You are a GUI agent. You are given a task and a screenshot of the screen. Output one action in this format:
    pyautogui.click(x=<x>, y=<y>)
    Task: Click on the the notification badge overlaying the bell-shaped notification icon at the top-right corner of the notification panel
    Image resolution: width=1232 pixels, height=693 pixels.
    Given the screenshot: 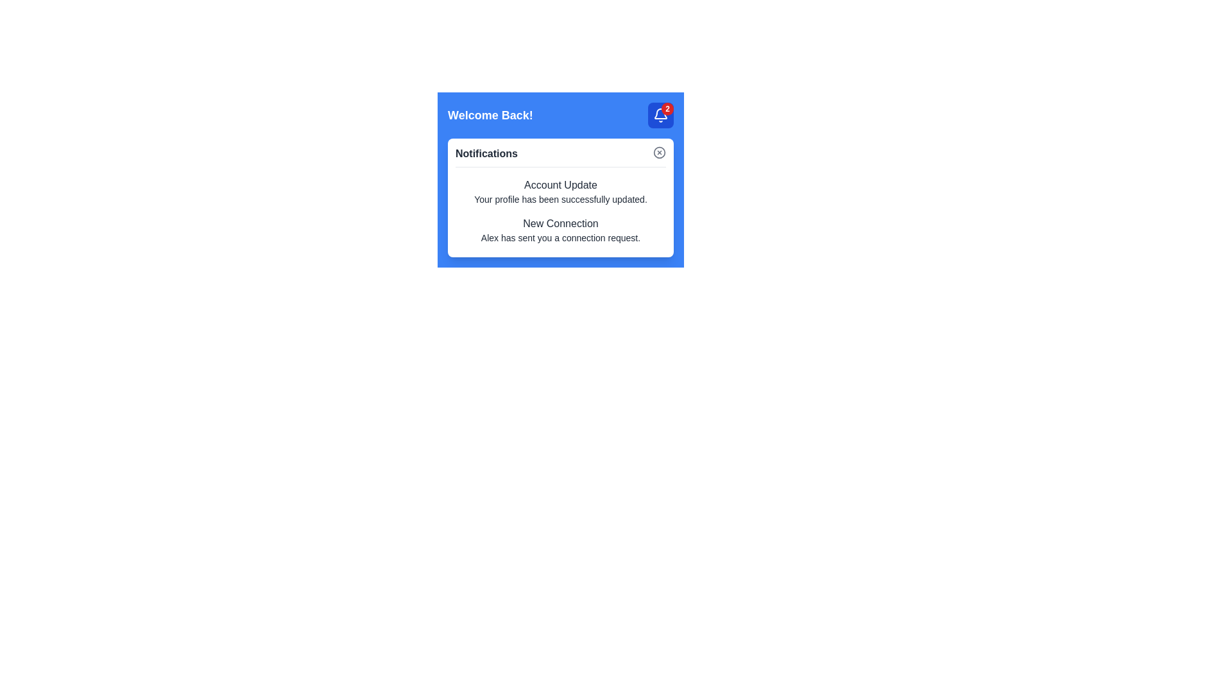 What is the action you would take?
    pyautogui.click(x=667, y=108)
    